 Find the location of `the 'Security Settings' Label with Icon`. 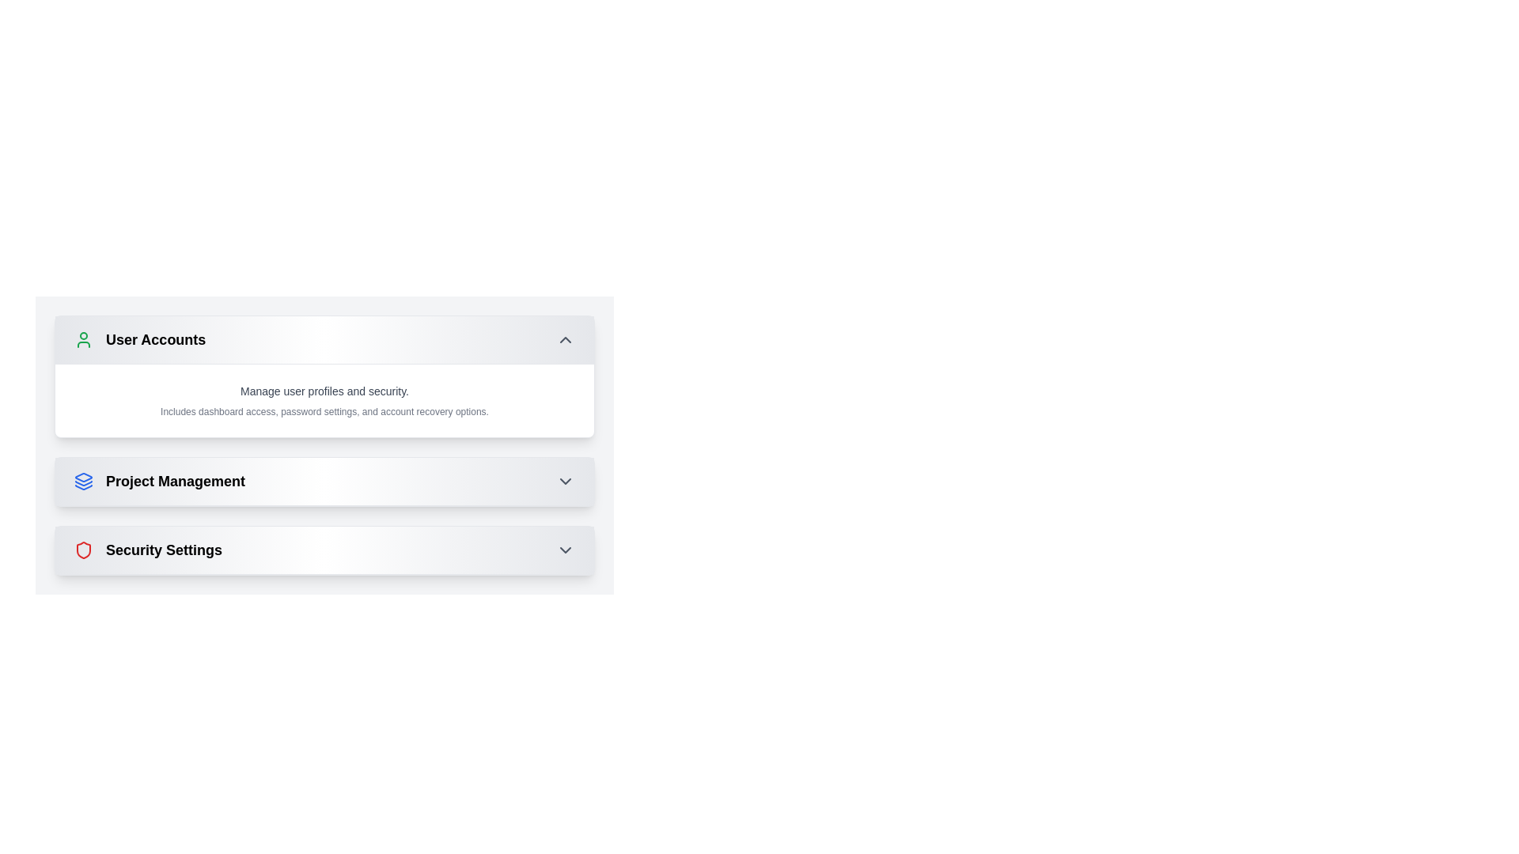

the 'Security Settings' Label with Icon is located at coordinates (148, 549).